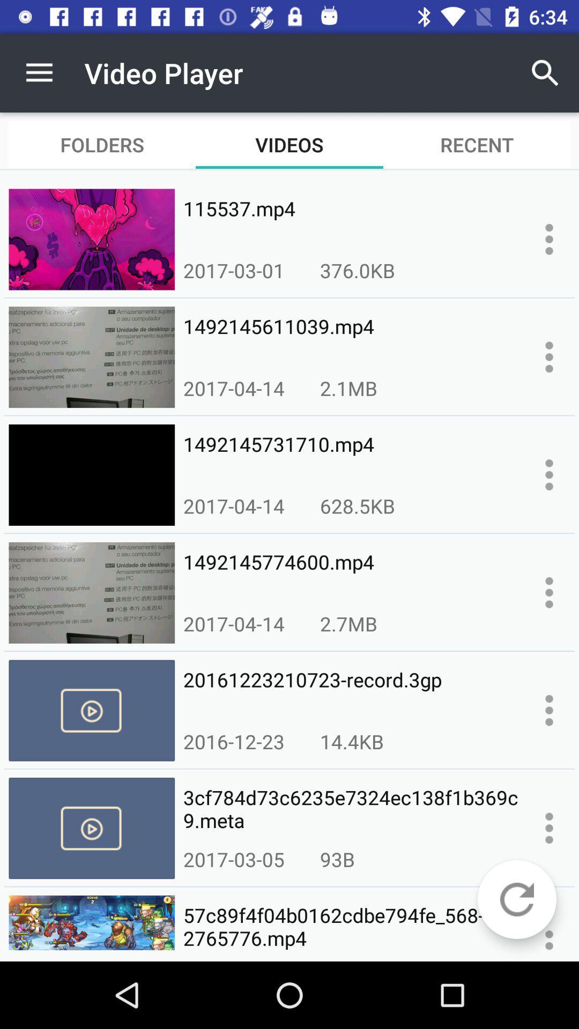  I want to click on options, so click(549, 827).